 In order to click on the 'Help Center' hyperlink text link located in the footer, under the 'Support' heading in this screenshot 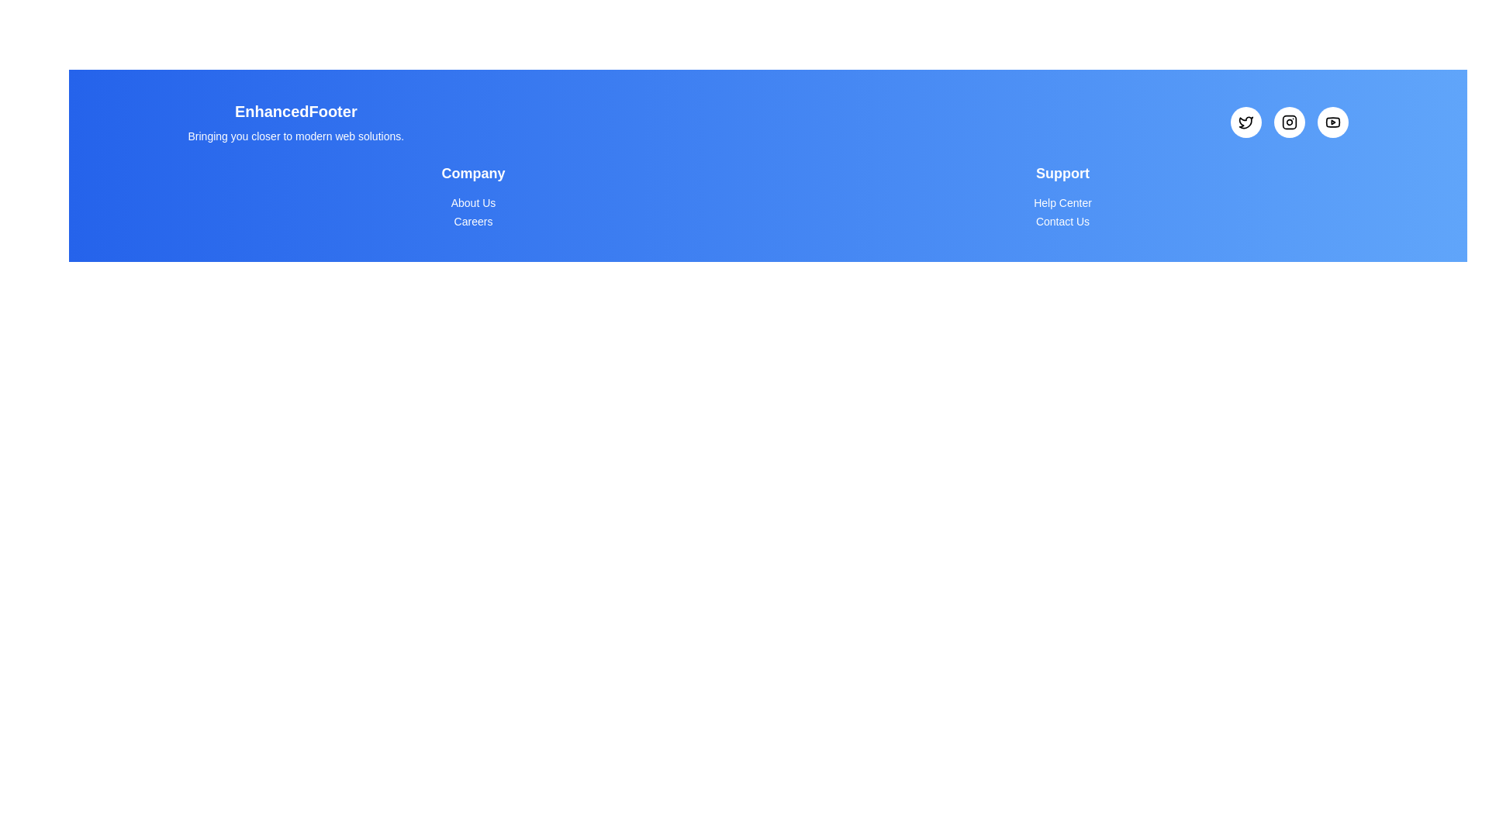, I will do `click(1062, 202)`.